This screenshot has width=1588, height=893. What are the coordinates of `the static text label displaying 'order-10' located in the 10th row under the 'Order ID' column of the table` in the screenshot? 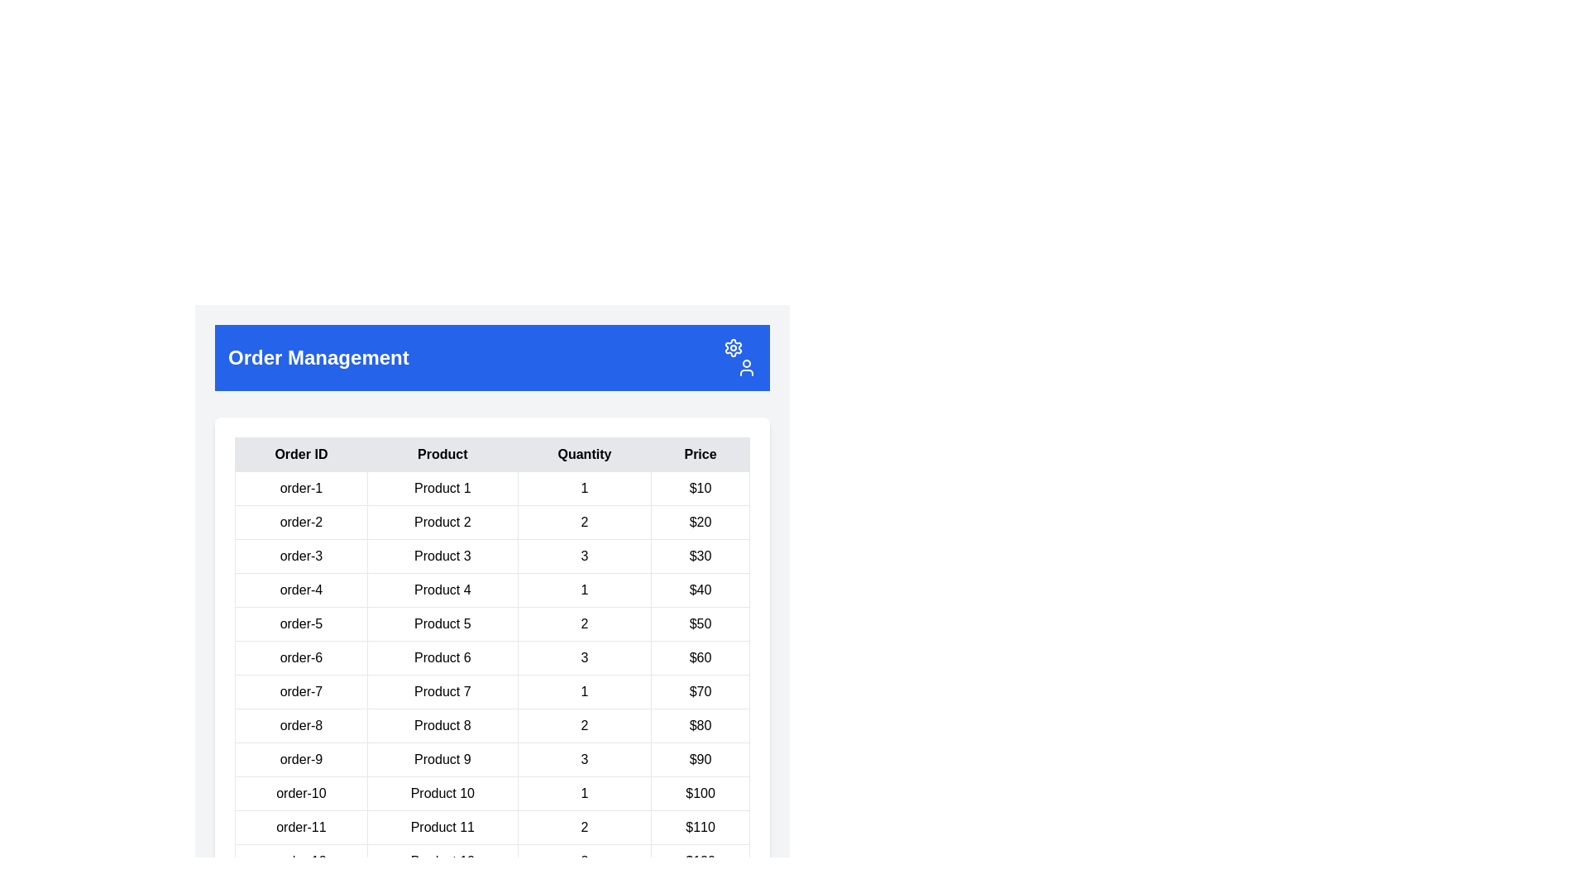 It's located at (301, 793).